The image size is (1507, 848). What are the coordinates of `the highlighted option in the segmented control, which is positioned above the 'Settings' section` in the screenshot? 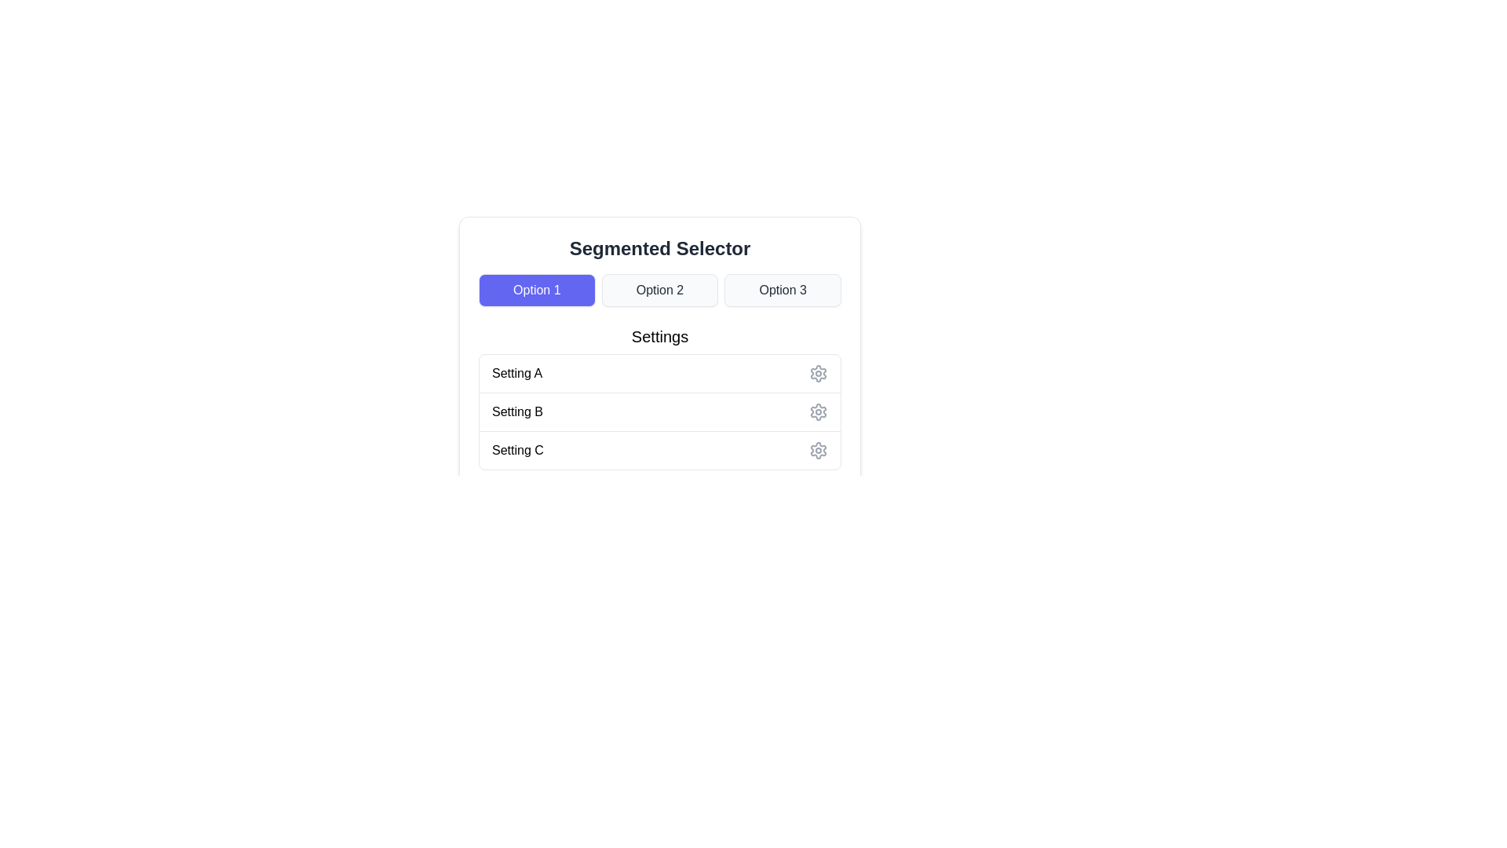 It's located at (659, 271).